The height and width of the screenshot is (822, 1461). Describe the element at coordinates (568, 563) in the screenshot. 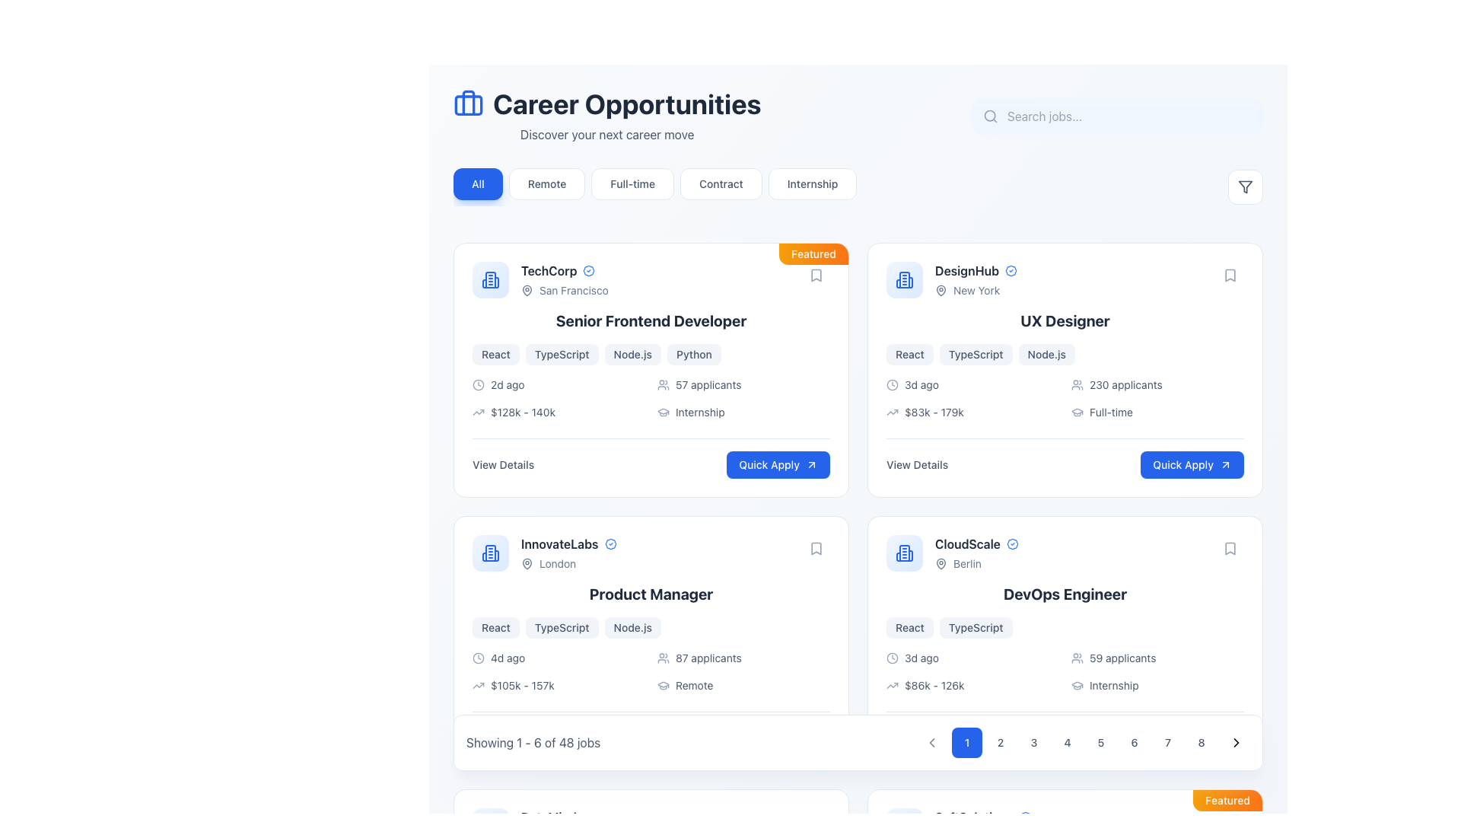

I see `the text label displaying 'London', which is styled in small gray font and positioned under the job title and company name within the job listing card` at that location.